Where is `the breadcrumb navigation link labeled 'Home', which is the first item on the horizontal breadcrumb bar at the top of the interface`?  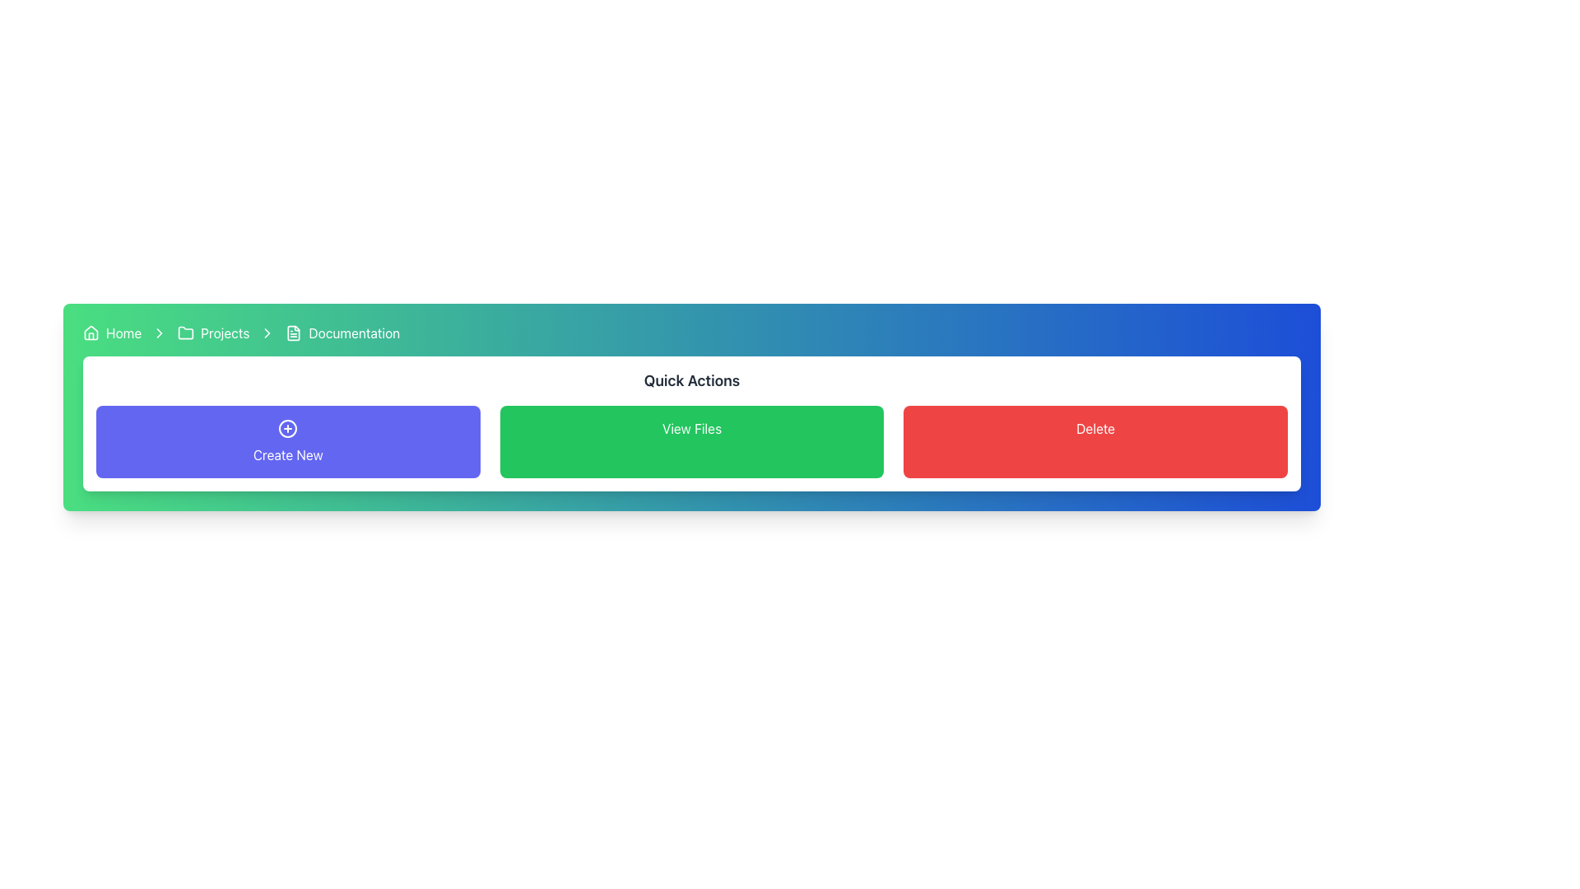
the breadcrumb navigation link labeled 'Home', which is the first item on the horizontal breadcrumb bar at the top of the interface is located at coordinates (111, 333).